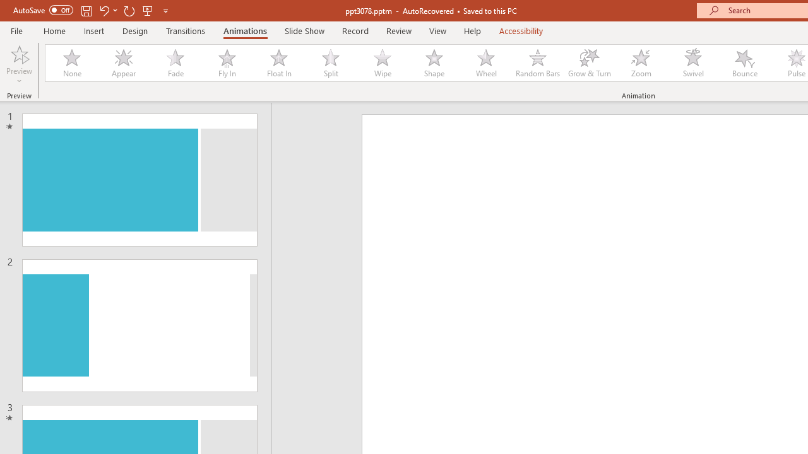  What do you see at coordinates (434, 63) in the screenshot?
I see `'Shape'` at bounding box center [434, 63].